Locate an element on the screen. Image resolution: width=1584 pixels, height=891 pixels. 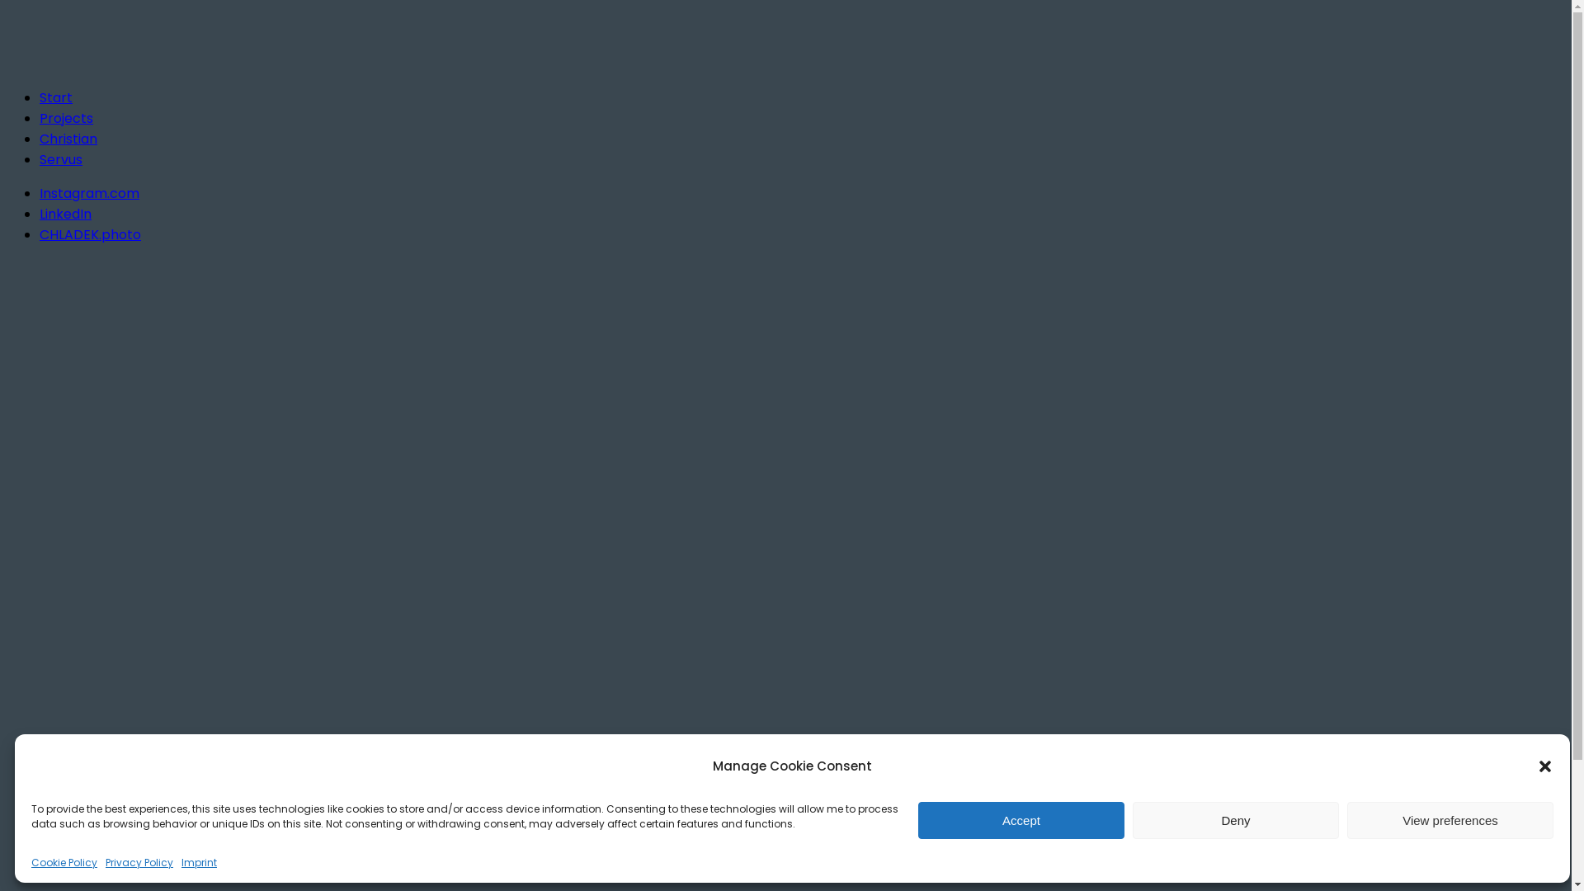
'Cookie Policy' is located at coordinates (64, 861).